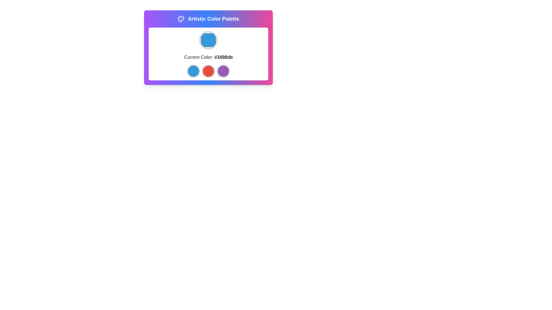 Image resolution: width=552 pixels, height=310 pixels. Describe the element at coordinates (208, 18) in the screenshot. I see `text of the Label with an icon located at the top center of the color palette interface, which serves as a descriptive context for its functionality` at that location.